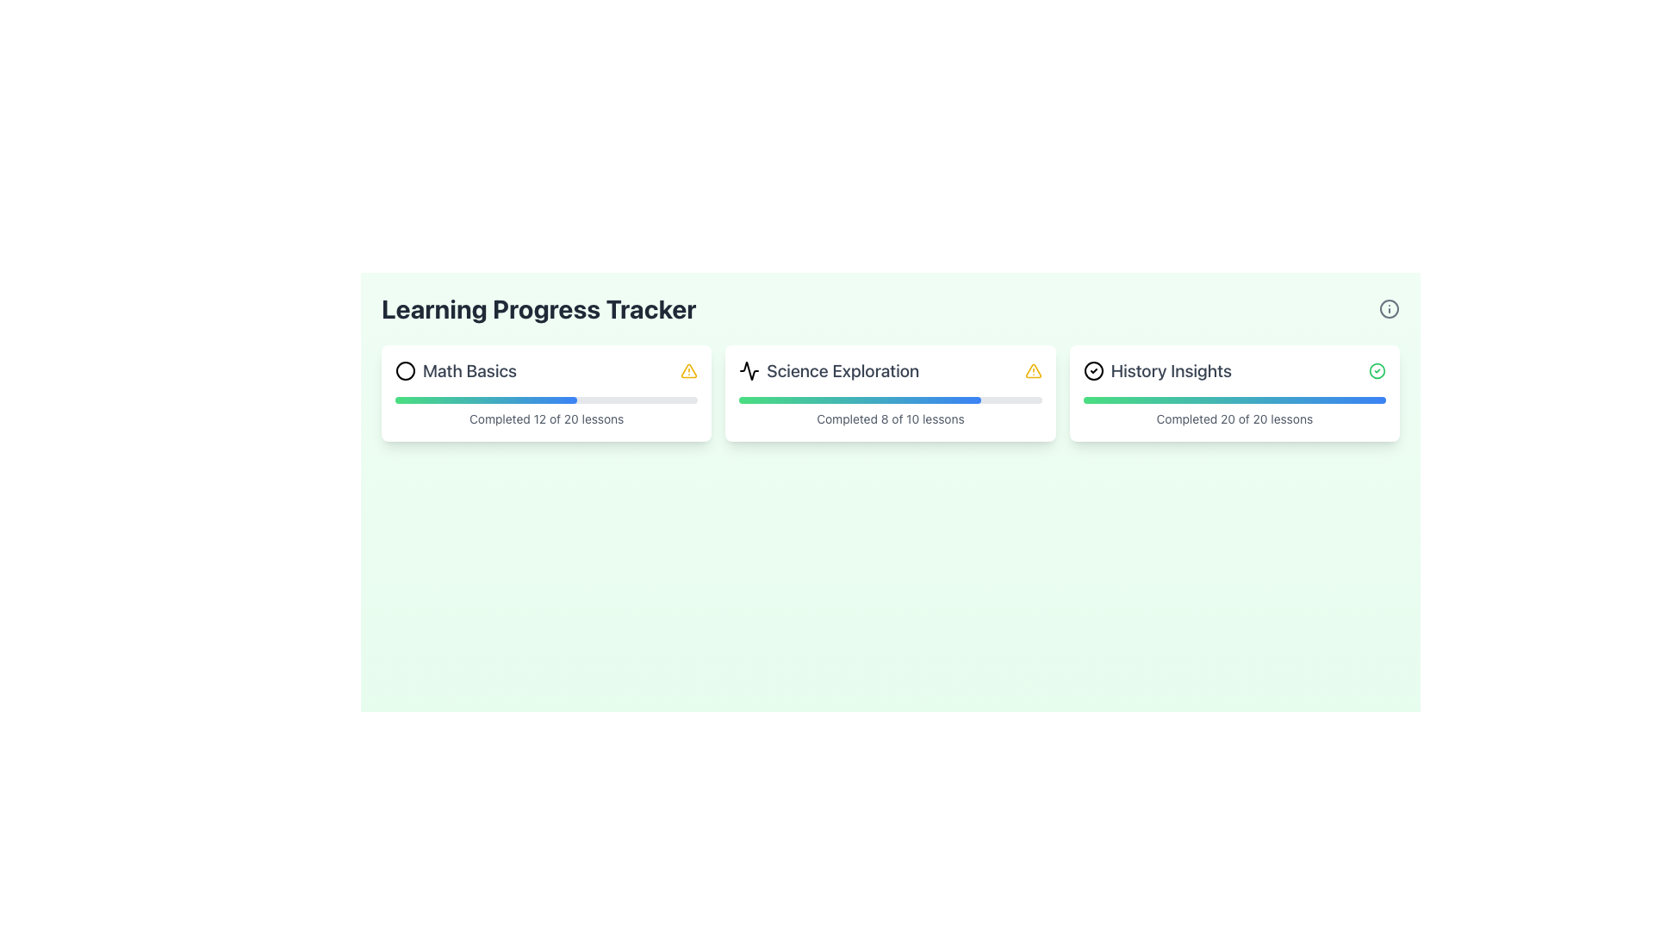 The height and width of the screenshot is (930, 1654). I want to click on information displayed in the Text Label that summarizes the user's progress in the 'History Insights' module, located below the progress bar in the lower section of the card, so click(1234, 418).